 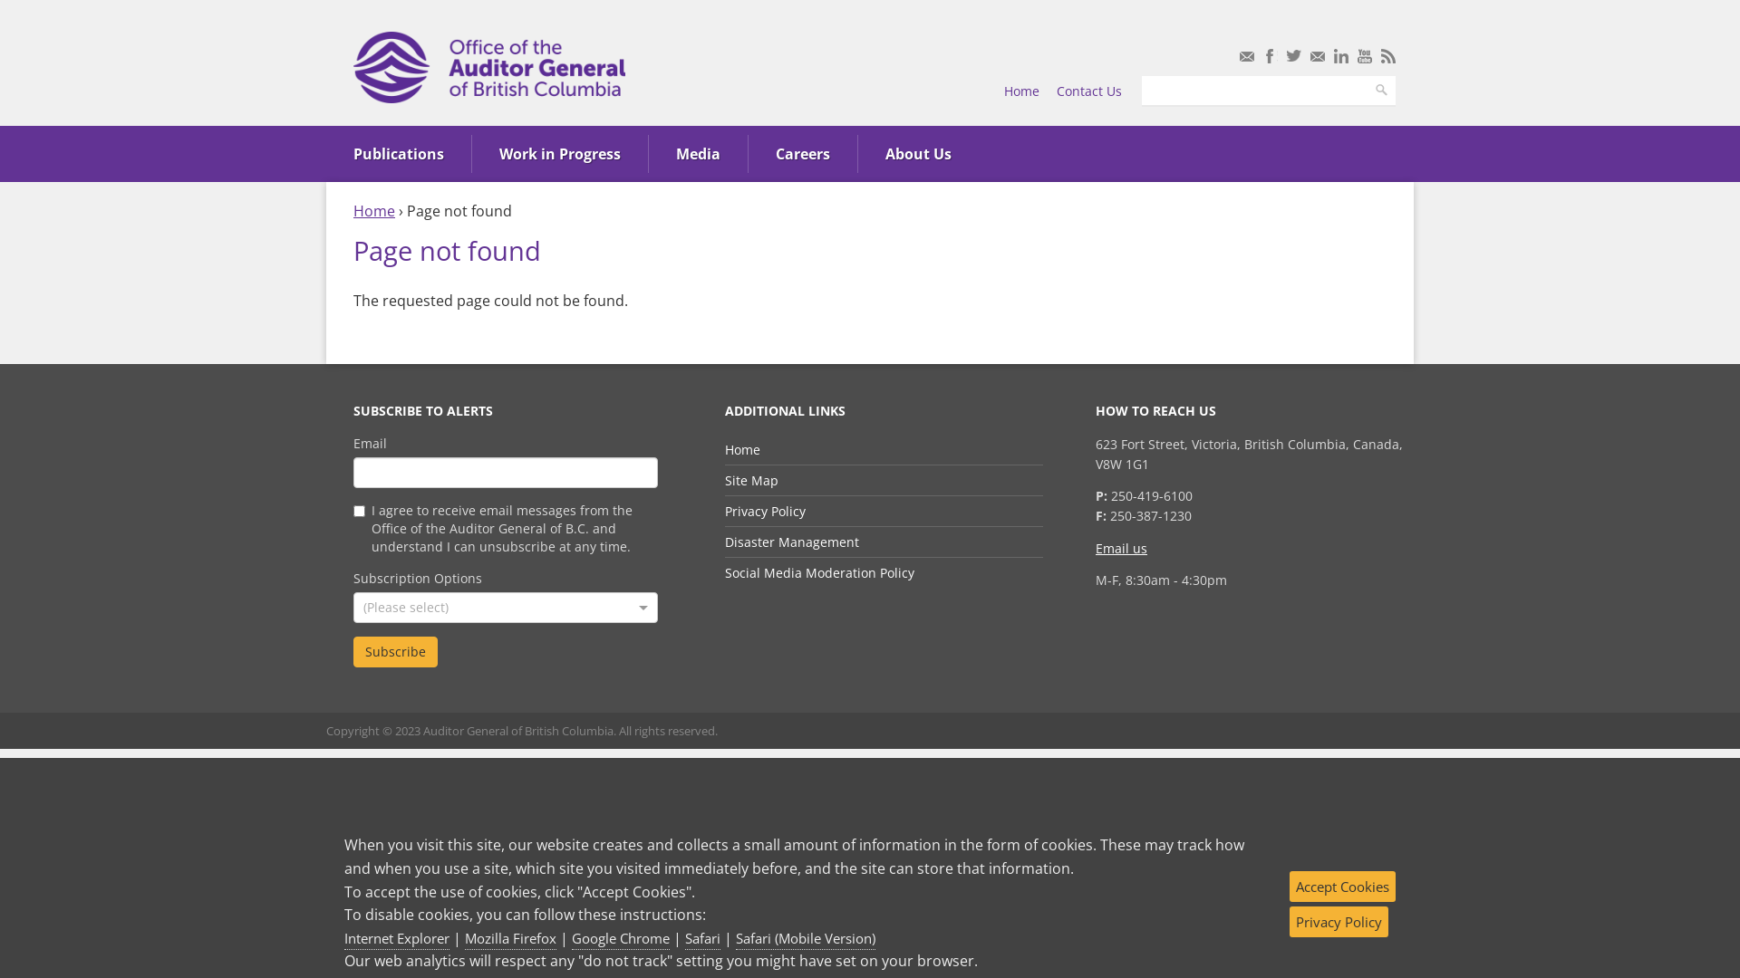 What do you see at coordinates (1252, 91) in the screenshot?
I see `'Enter the terms you wish to search for.'` at bounding box center [1252, 91].